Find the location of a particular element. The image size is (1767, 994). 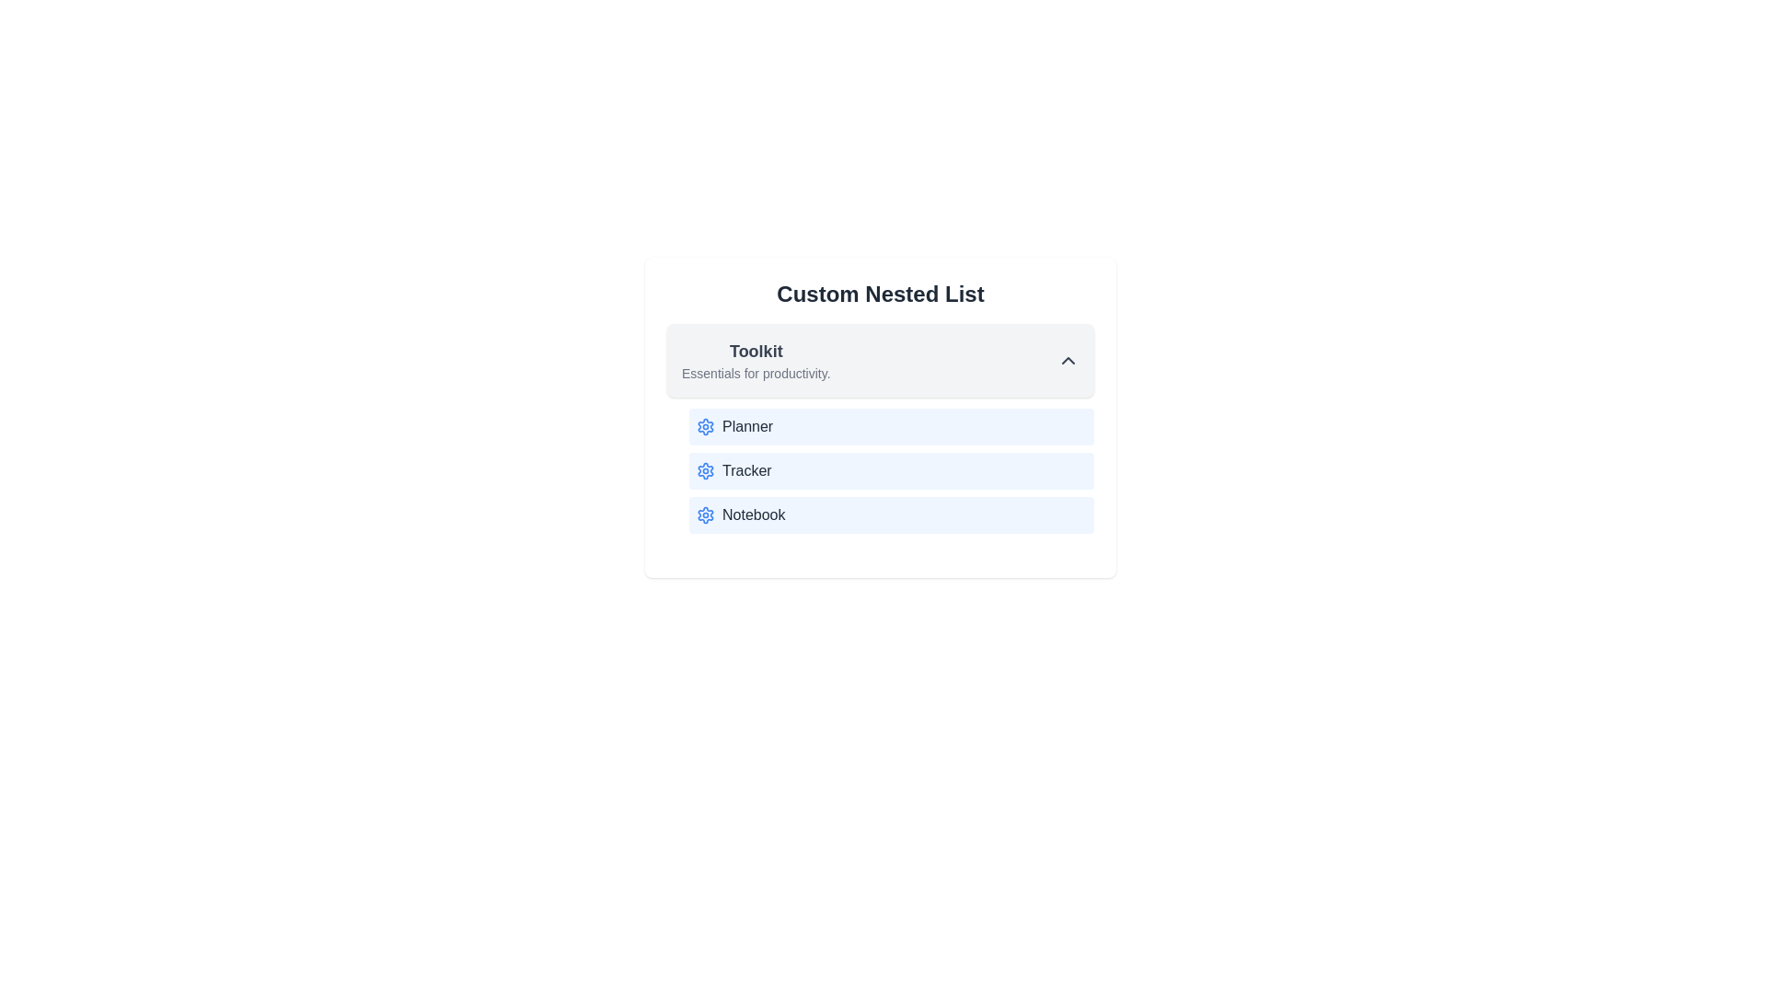

the category header to toggle its expansion is located at coordinates (879, 361).